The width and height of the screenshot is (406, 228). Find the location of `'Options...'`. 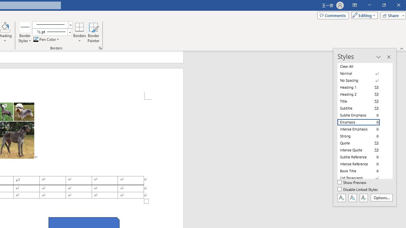

'Options...' is located at coordinates (381, 197).